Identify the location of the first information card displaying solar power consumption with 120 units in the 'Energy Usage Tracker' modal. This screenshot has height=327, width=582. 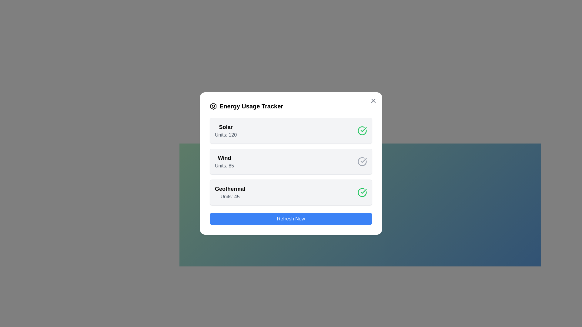
(291, 130).